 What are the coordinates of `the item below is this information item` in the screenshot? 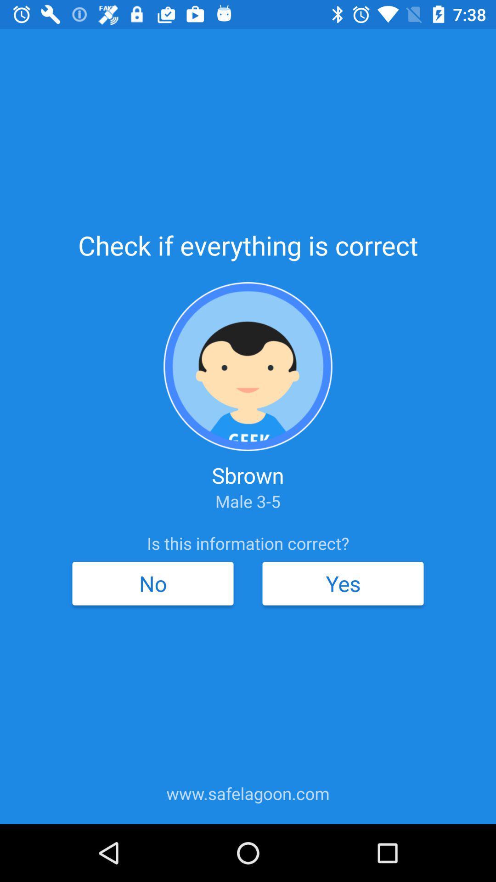 It's located at (152, 583).